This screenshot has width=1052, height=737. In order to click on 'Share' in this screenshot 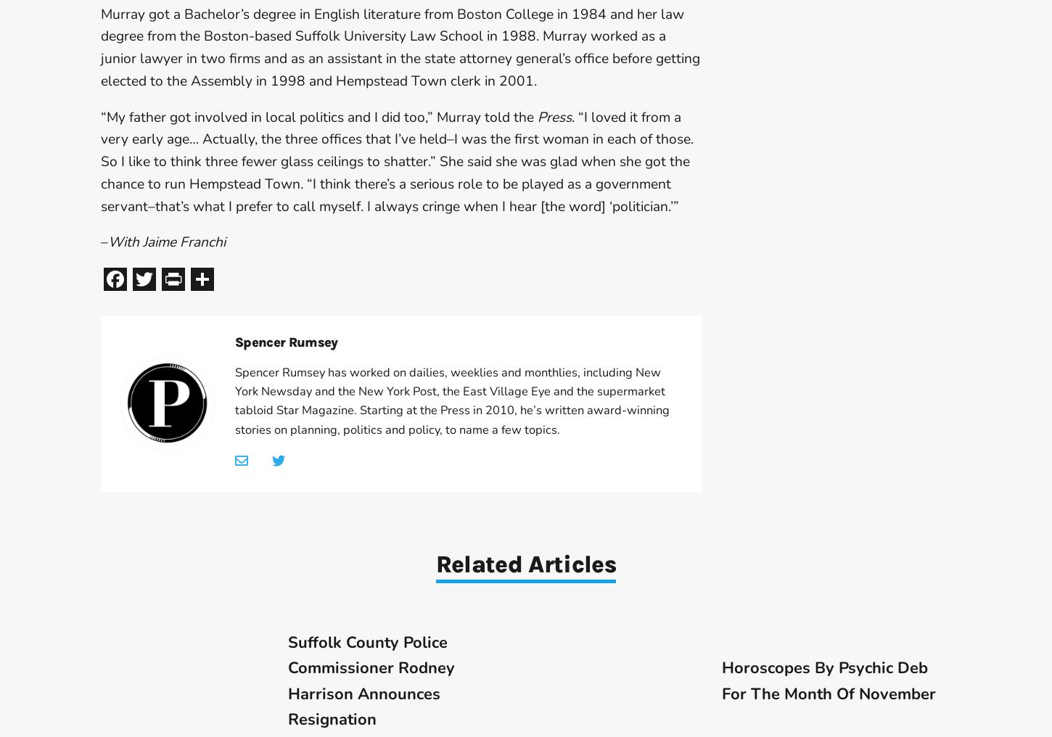, I will do `click(244, 278)`.